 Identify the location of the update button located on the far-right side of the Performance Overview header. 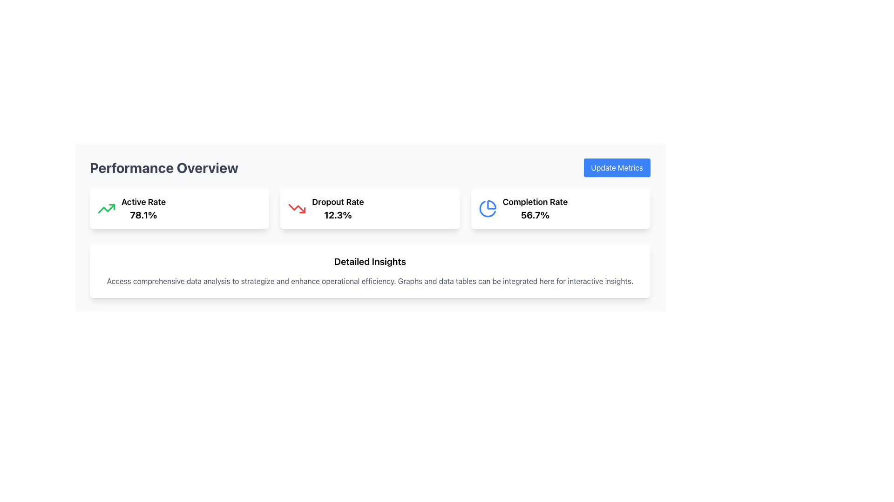
(617, 168).